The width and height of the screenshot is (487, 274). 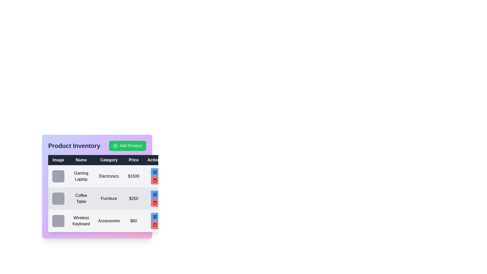 What do you see at coordinates (58, 176) in the screenshot?
I see `the Image Placeholder element located in the first row of the product inventory table, aligned with 'Gaming Laptop'` at bounding box center [58, 176].